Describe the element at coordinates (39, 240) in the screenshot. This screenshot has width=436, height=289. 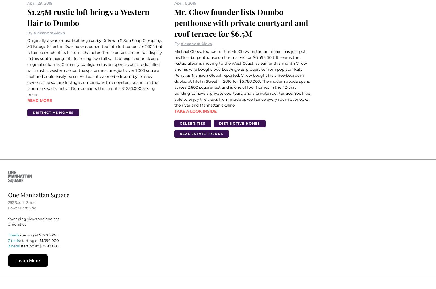
I see `'starting at $1,990,000'` at that location.